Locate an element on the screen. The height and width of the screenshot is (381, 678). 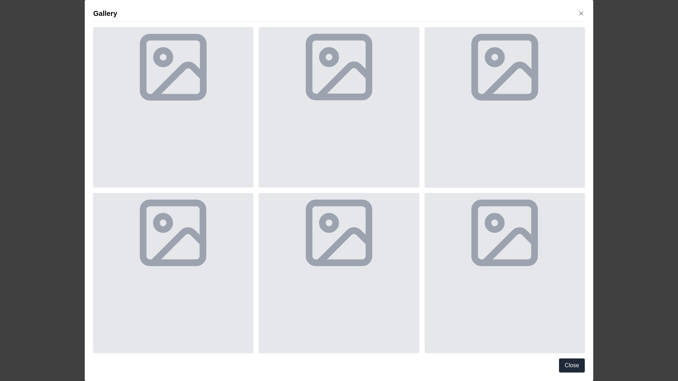
the image placeholder component located in the top-left corner of the grid layout by moving the mouse to its center is located at coordinates (173, 107).